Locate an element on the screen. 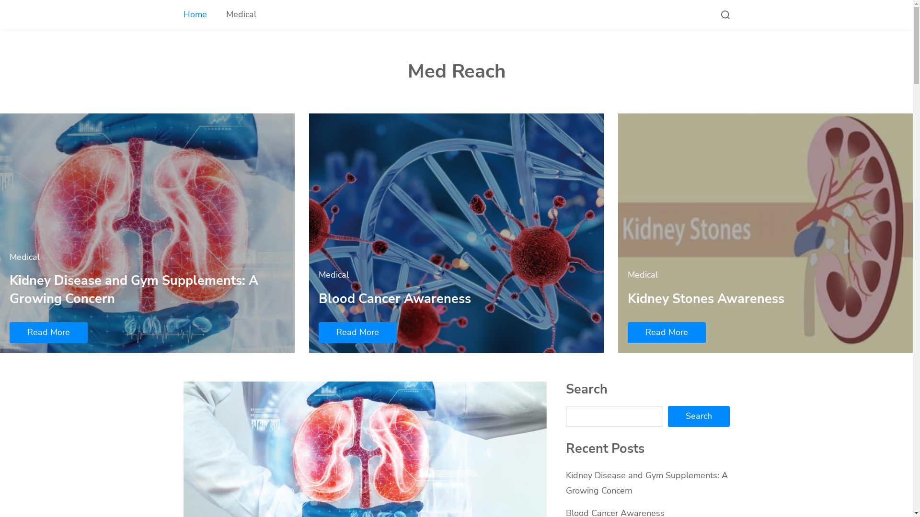  'Med Reach' is located at coordinates (455, 71).